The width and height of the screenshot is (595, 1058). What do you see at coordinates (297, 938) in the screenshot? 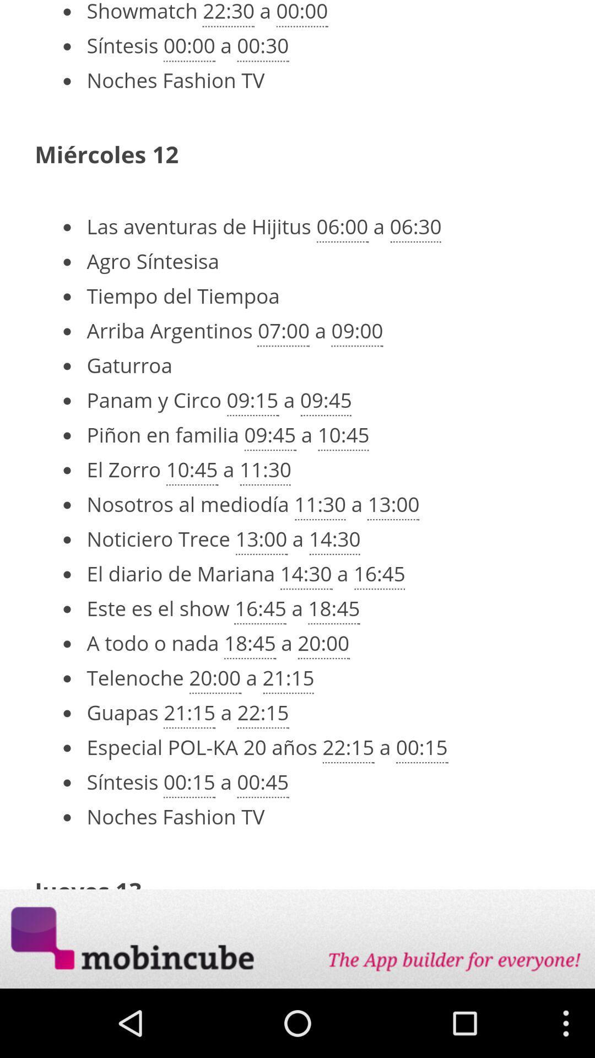
I see `add` at bounding box center [297, 938].